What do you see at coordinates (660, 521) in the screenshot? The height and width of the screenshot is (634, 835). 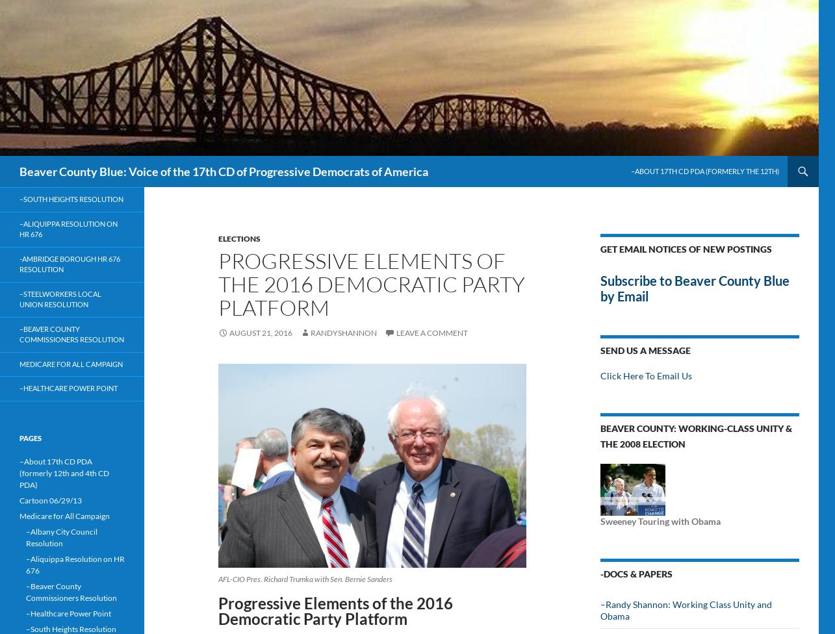 I see `'Sweeney Touring with Obama'` at bounding box center [660, 521].